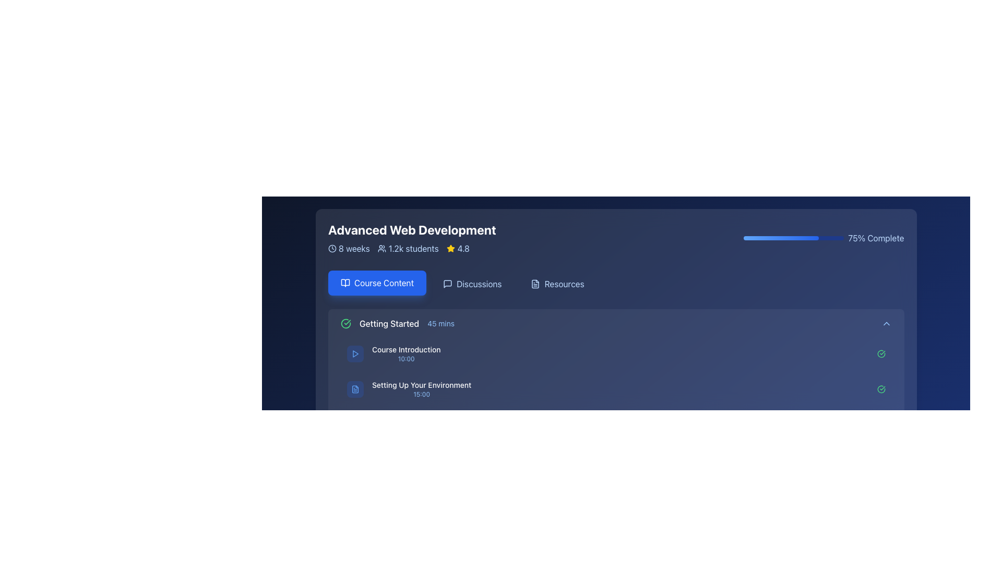 Image resolution: width=1002 pixels, height=563 pixels. Describe the element at coordinates (447, 284) in the screenshot. I see `the icon representing the Discussions section in the top navigation bar` at that location.